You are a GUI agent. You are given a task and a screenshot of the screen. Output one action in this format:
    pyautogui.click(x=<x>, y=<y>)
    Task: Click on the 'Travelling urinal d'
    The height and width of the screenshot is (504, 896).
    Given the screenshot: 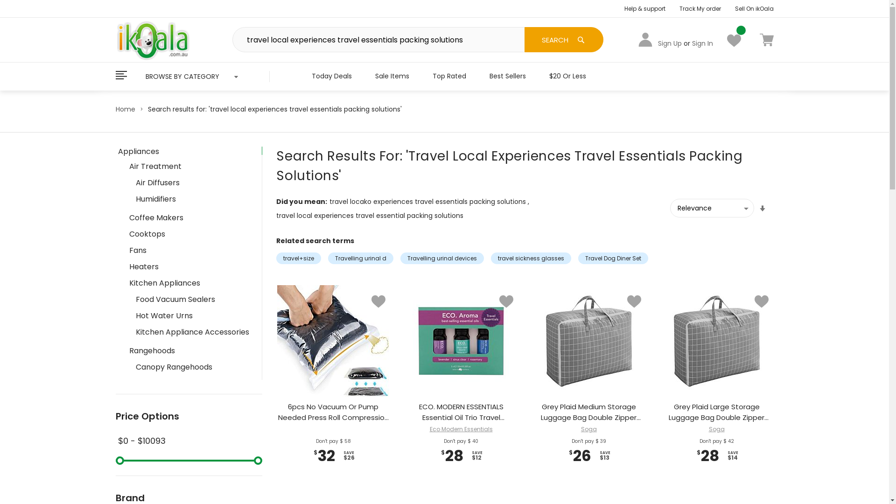 What is the action you would take?
    pyautogui.click(x=360, y=259)
    